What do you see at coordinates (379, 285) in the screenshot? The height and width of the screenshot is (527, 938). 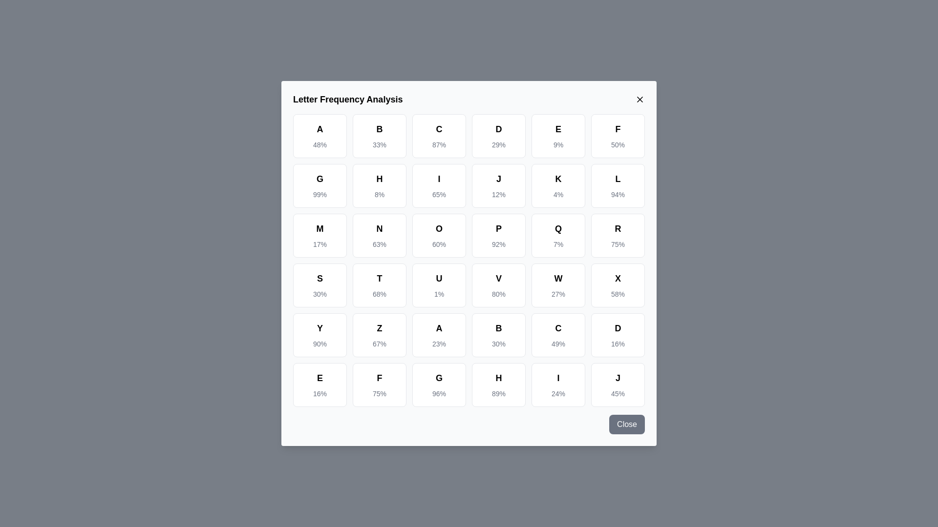 I see `the letter cell corresponding to T` at bounding box center [379, 285].